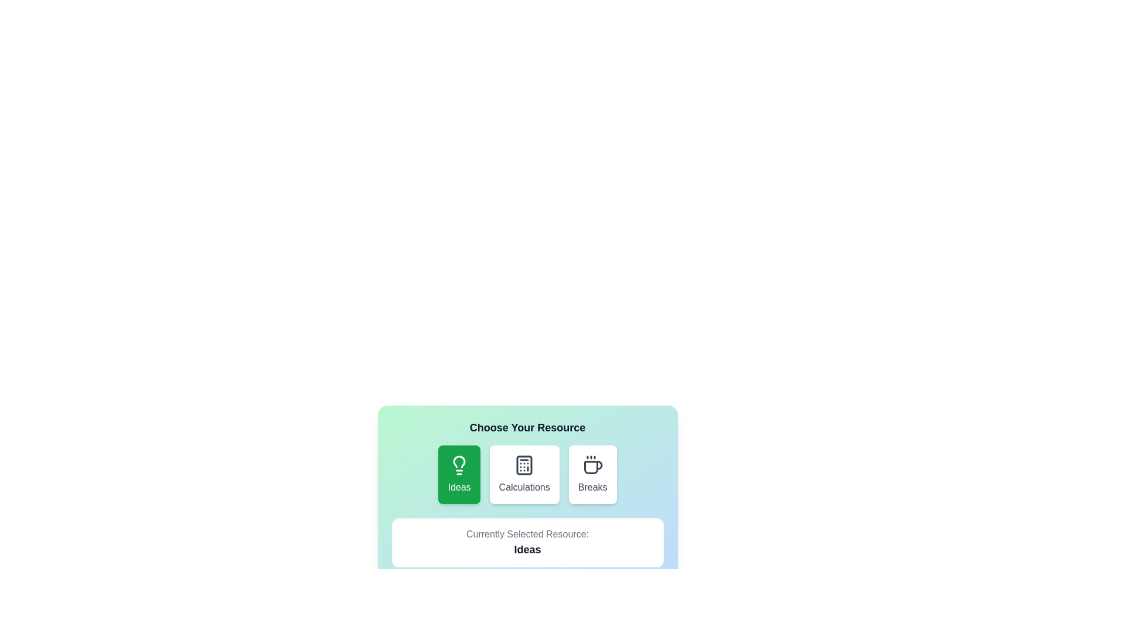 The height and width of the screenshot is (633, 1125). Describe the element at coordinates (458, 475) in the screenshot. I see `the button corresponding to the resource type Ideas` at that location.